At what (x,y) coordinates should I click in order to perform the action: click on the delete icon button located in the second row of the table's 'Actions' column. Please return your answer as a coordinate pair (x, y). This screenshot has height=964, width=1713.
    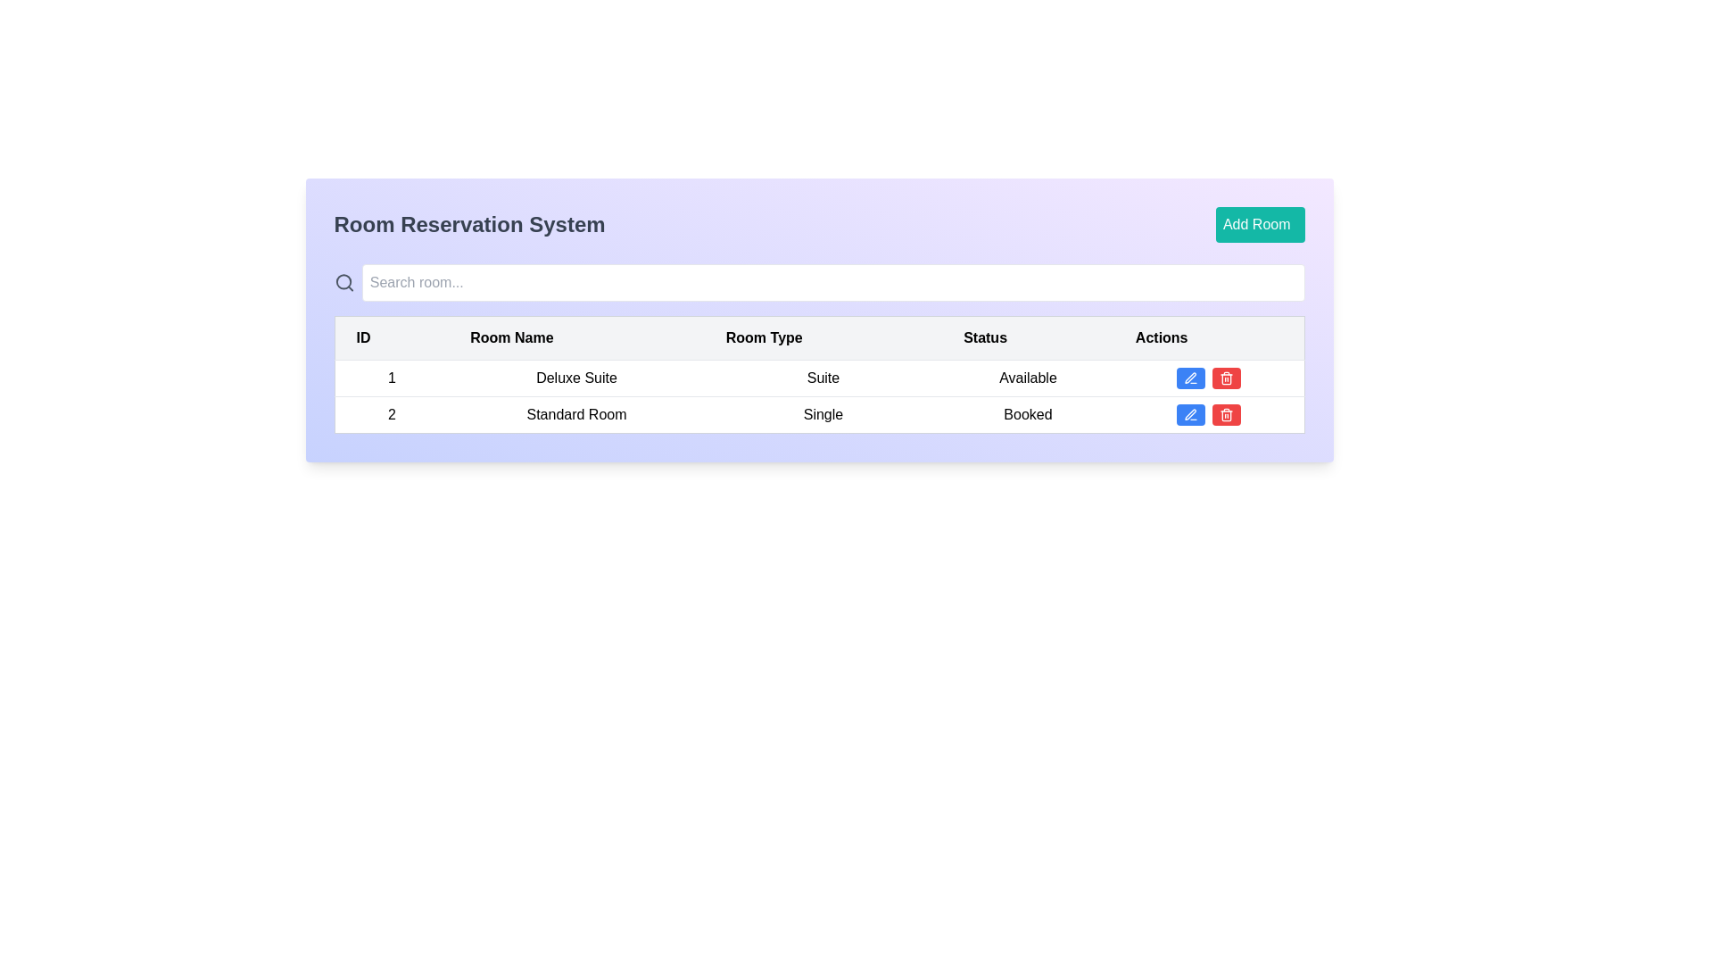
    Looking at the image, I should click on (1226, 415).